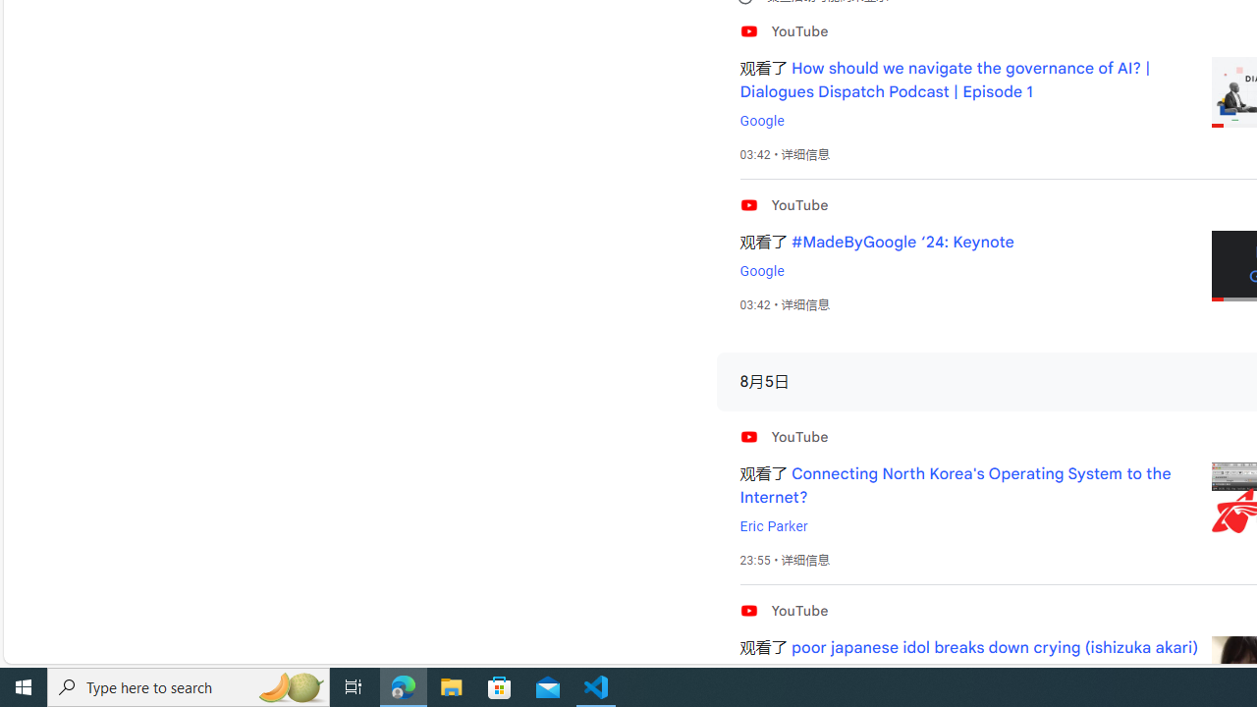 This screenshot has height=707, width=1257. Describe the element at coordinates (772, 525) in the screenshot. I see `'Eric Parker'` at that location.